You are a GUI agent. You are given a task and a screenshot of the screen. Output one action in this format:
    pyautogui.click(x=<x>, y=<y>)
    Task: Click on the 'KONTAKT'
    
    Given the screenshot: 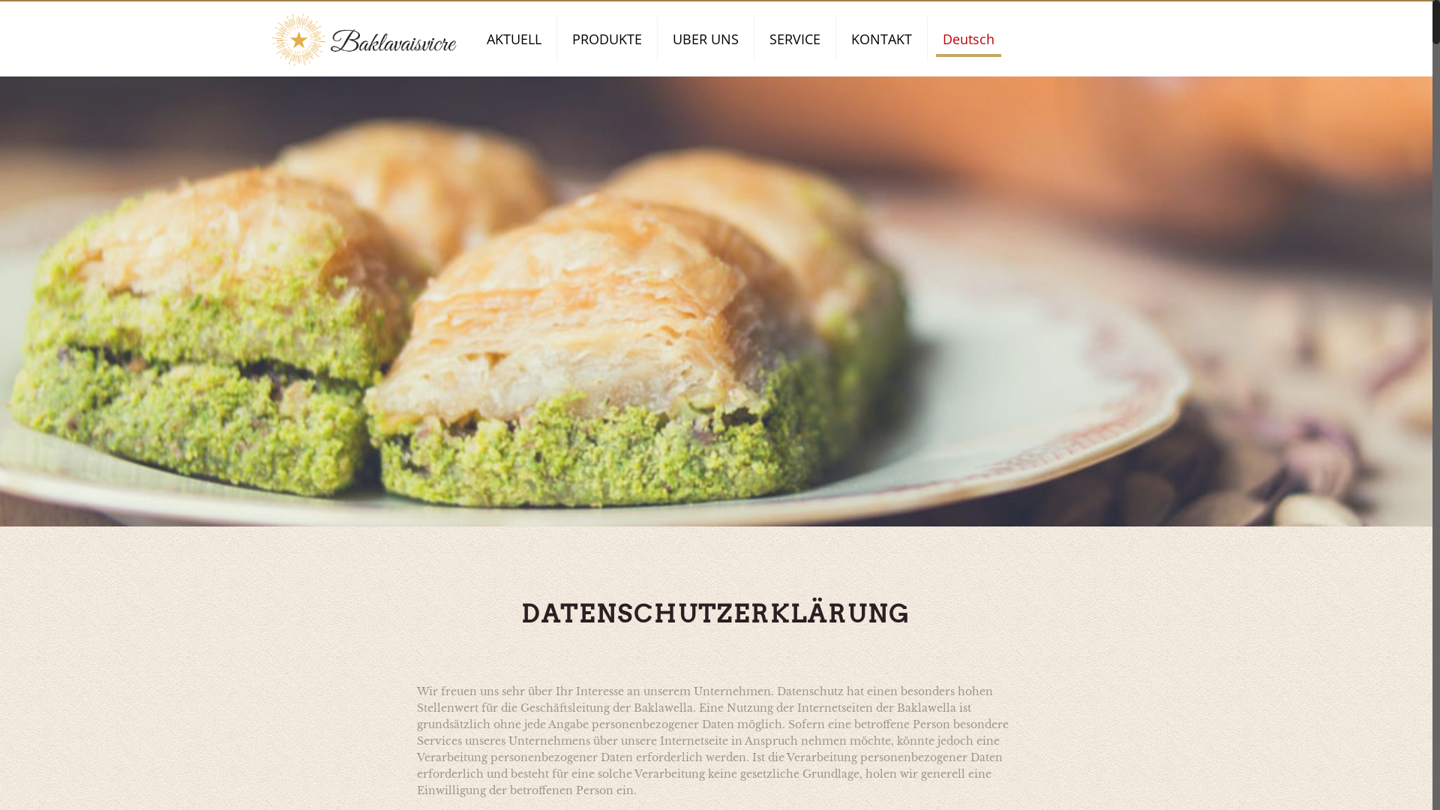 What is the action you would take?
    pyautogui.click(x=882, y=37)
    